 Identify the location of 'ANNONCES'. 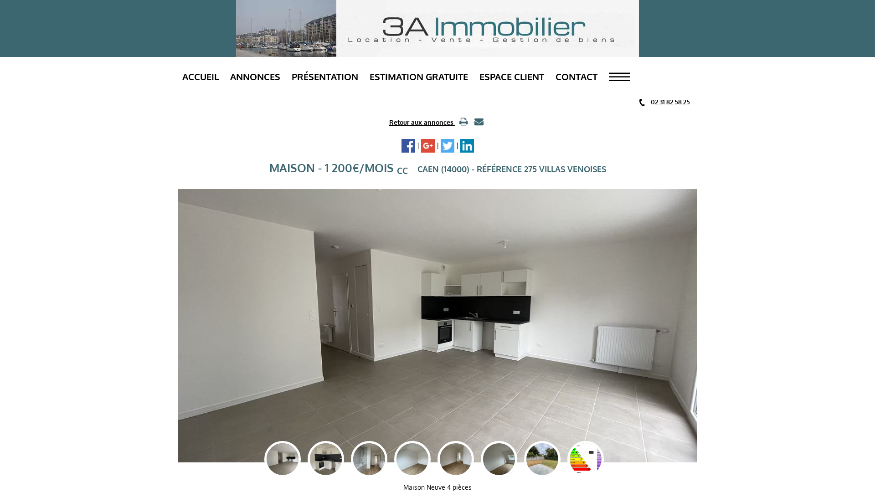
(255, 76).